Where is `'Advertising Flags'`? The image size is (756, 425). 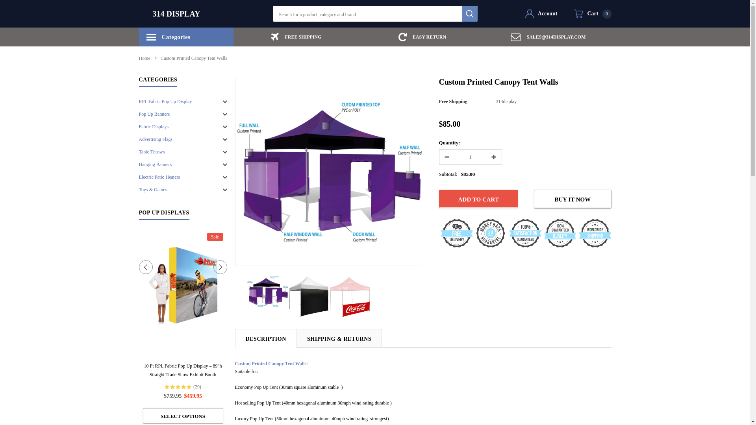 'Advertising Flags' is located at coordinates (155, 139).